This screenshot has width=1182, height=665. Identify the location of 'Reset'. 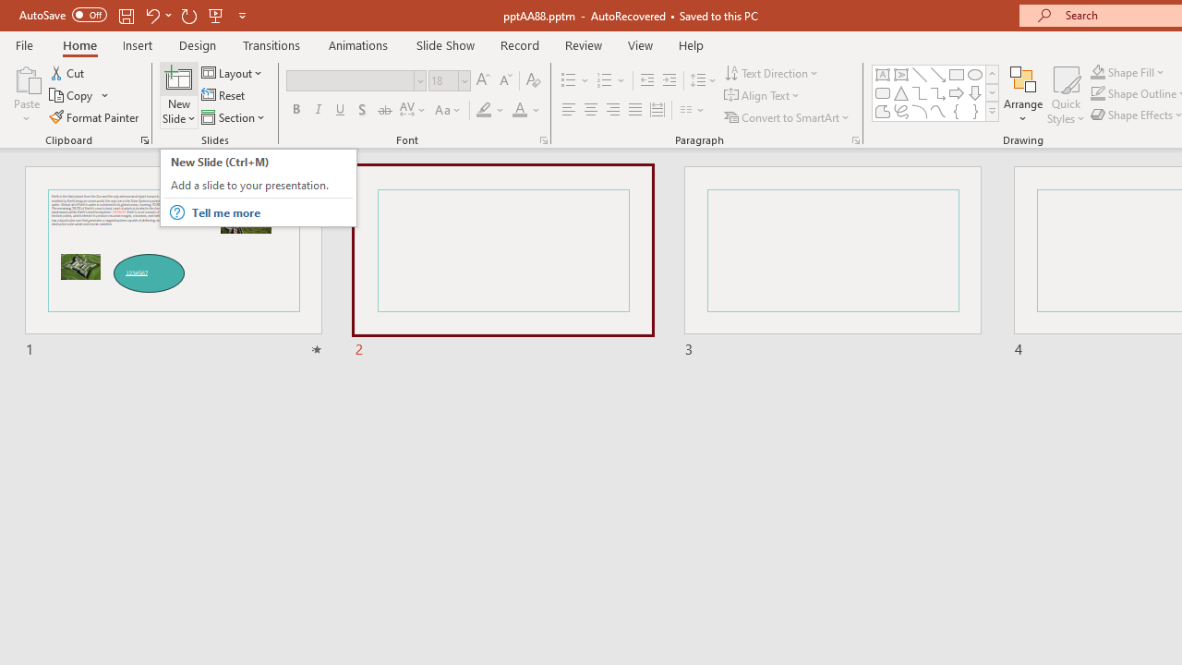
(223, 95).